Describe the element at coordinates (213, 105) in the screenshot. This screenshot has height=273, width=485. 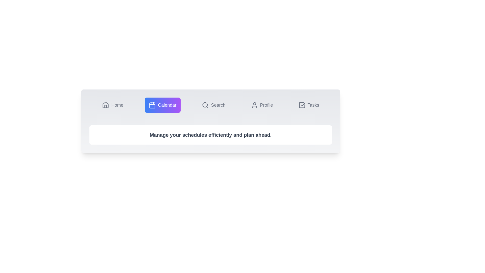
I see `the Search tab` at that location.